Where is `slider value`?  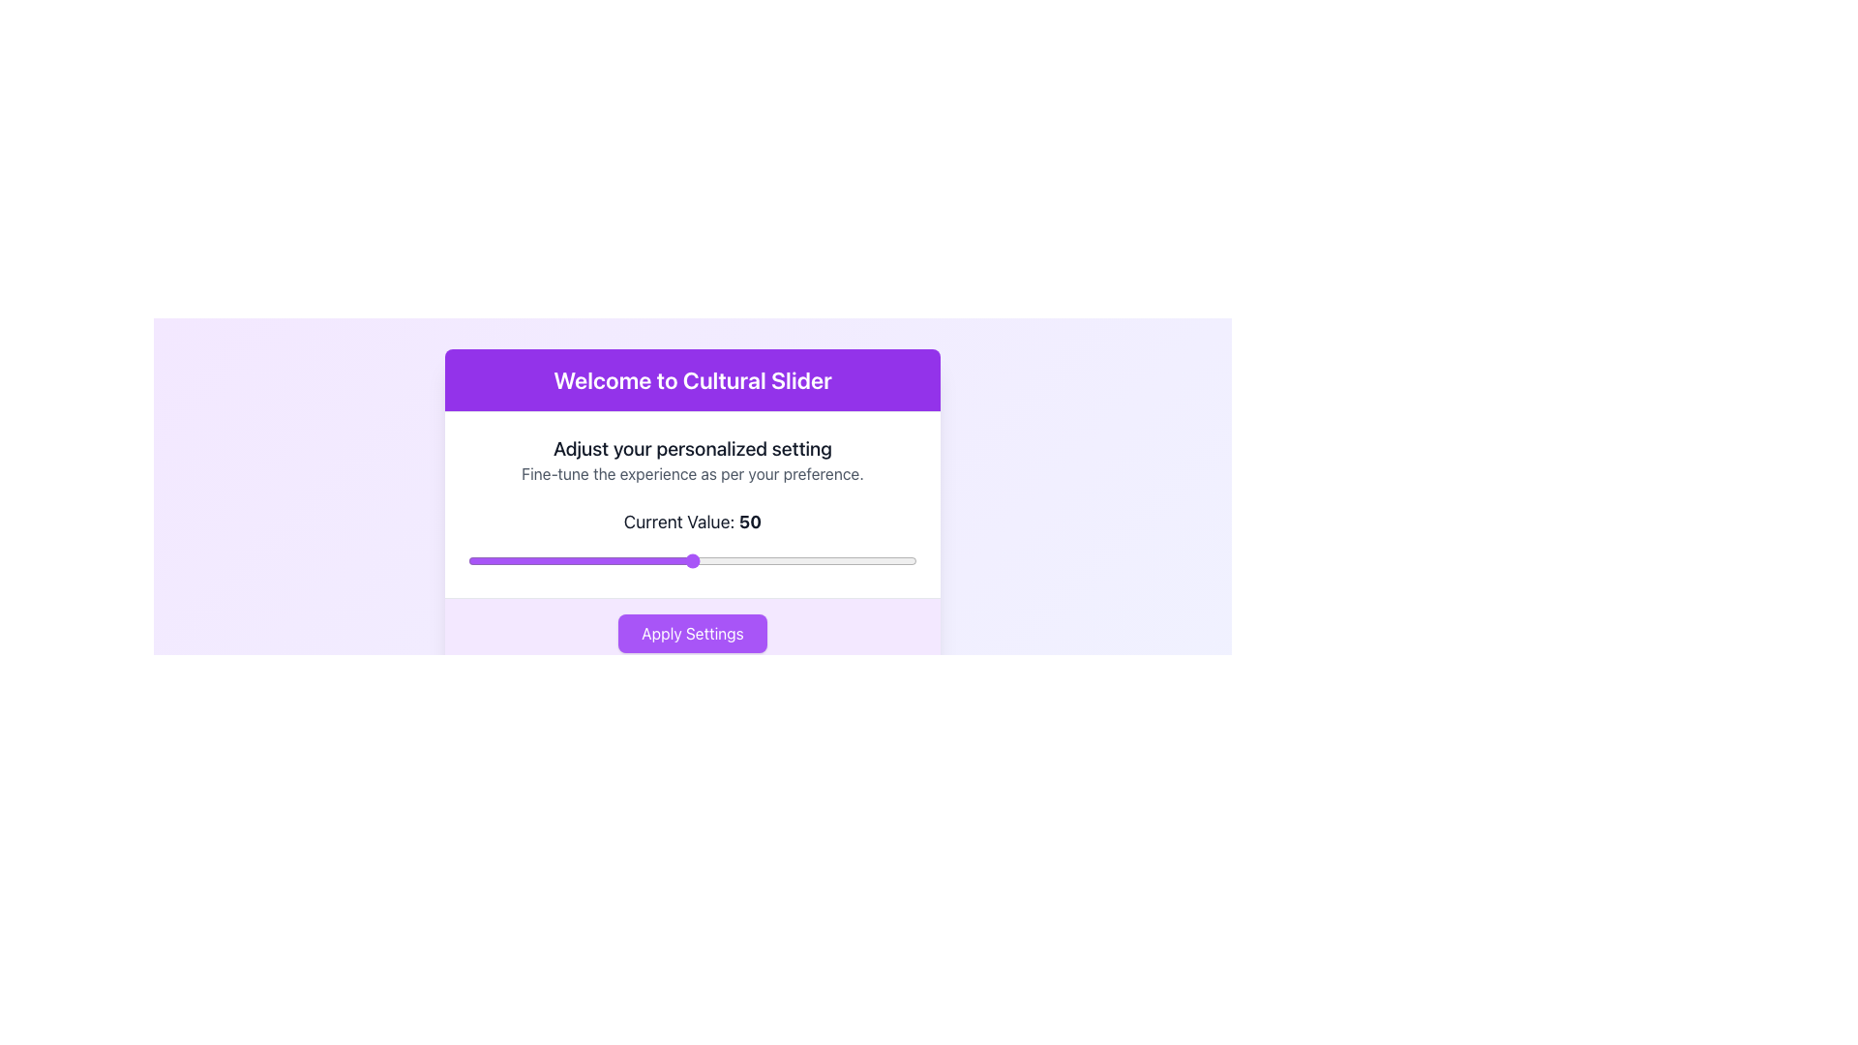
slider value is located at coordinates (556, 560).